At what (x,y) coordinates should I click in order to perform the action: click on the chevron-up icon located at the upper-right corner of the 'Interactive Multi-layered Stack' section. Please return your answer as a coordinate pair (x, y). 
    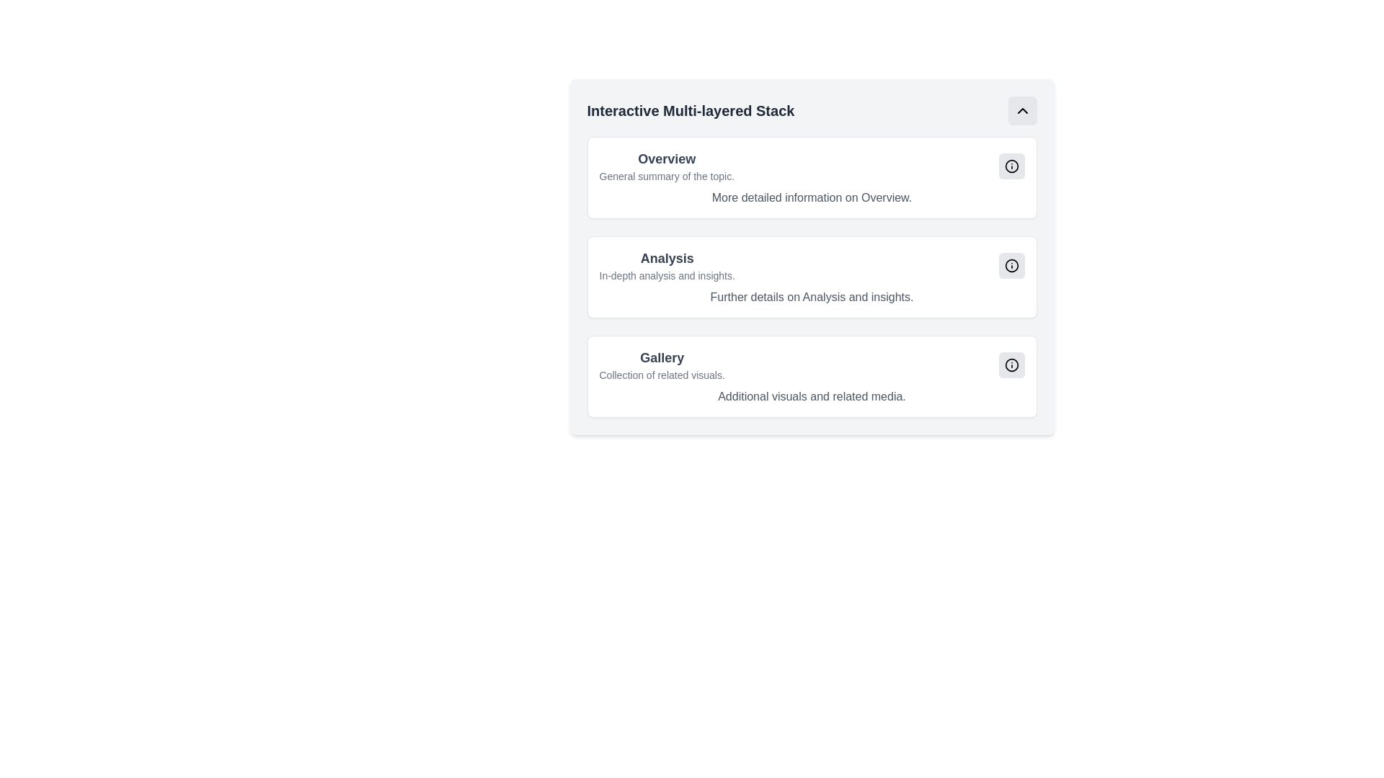
    Looking at the image, I should click on (1021, 110).